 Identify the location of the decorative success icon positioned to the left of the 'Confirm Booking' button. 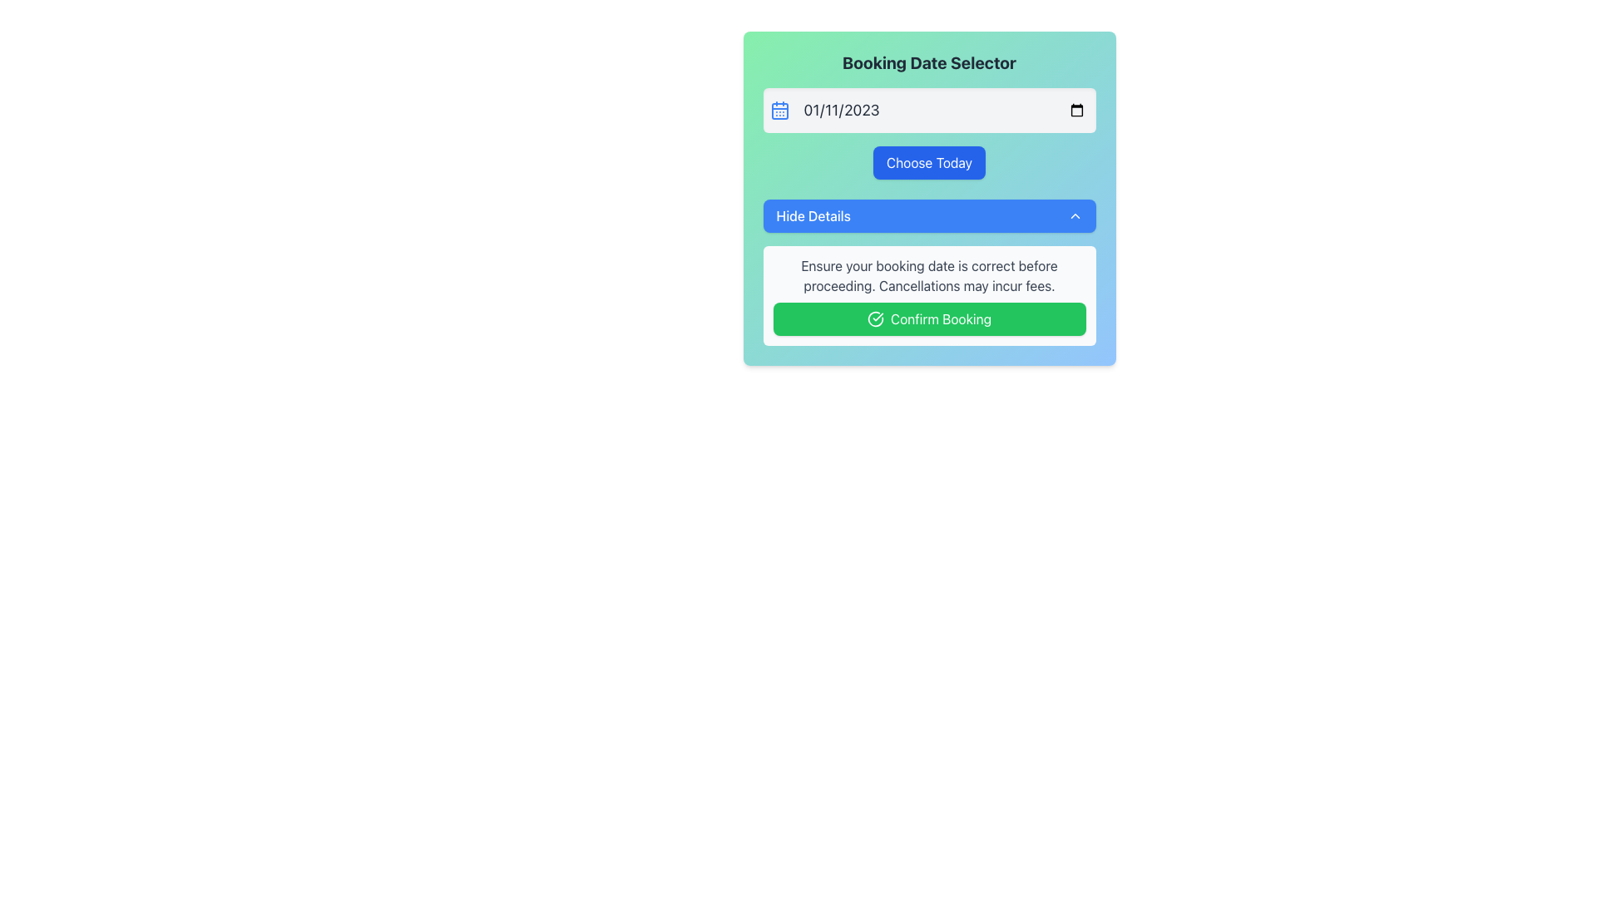
(874, 319).